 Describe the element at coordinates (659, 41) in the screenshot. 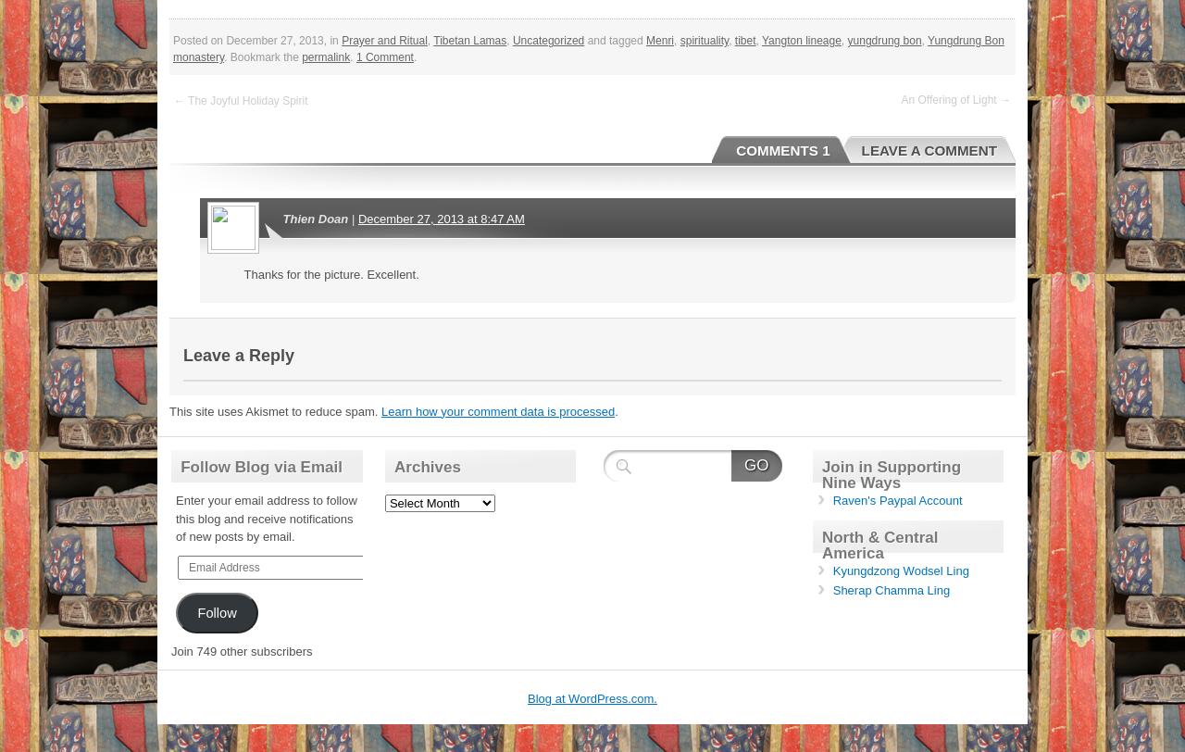

I see `'Menri'` at that location.